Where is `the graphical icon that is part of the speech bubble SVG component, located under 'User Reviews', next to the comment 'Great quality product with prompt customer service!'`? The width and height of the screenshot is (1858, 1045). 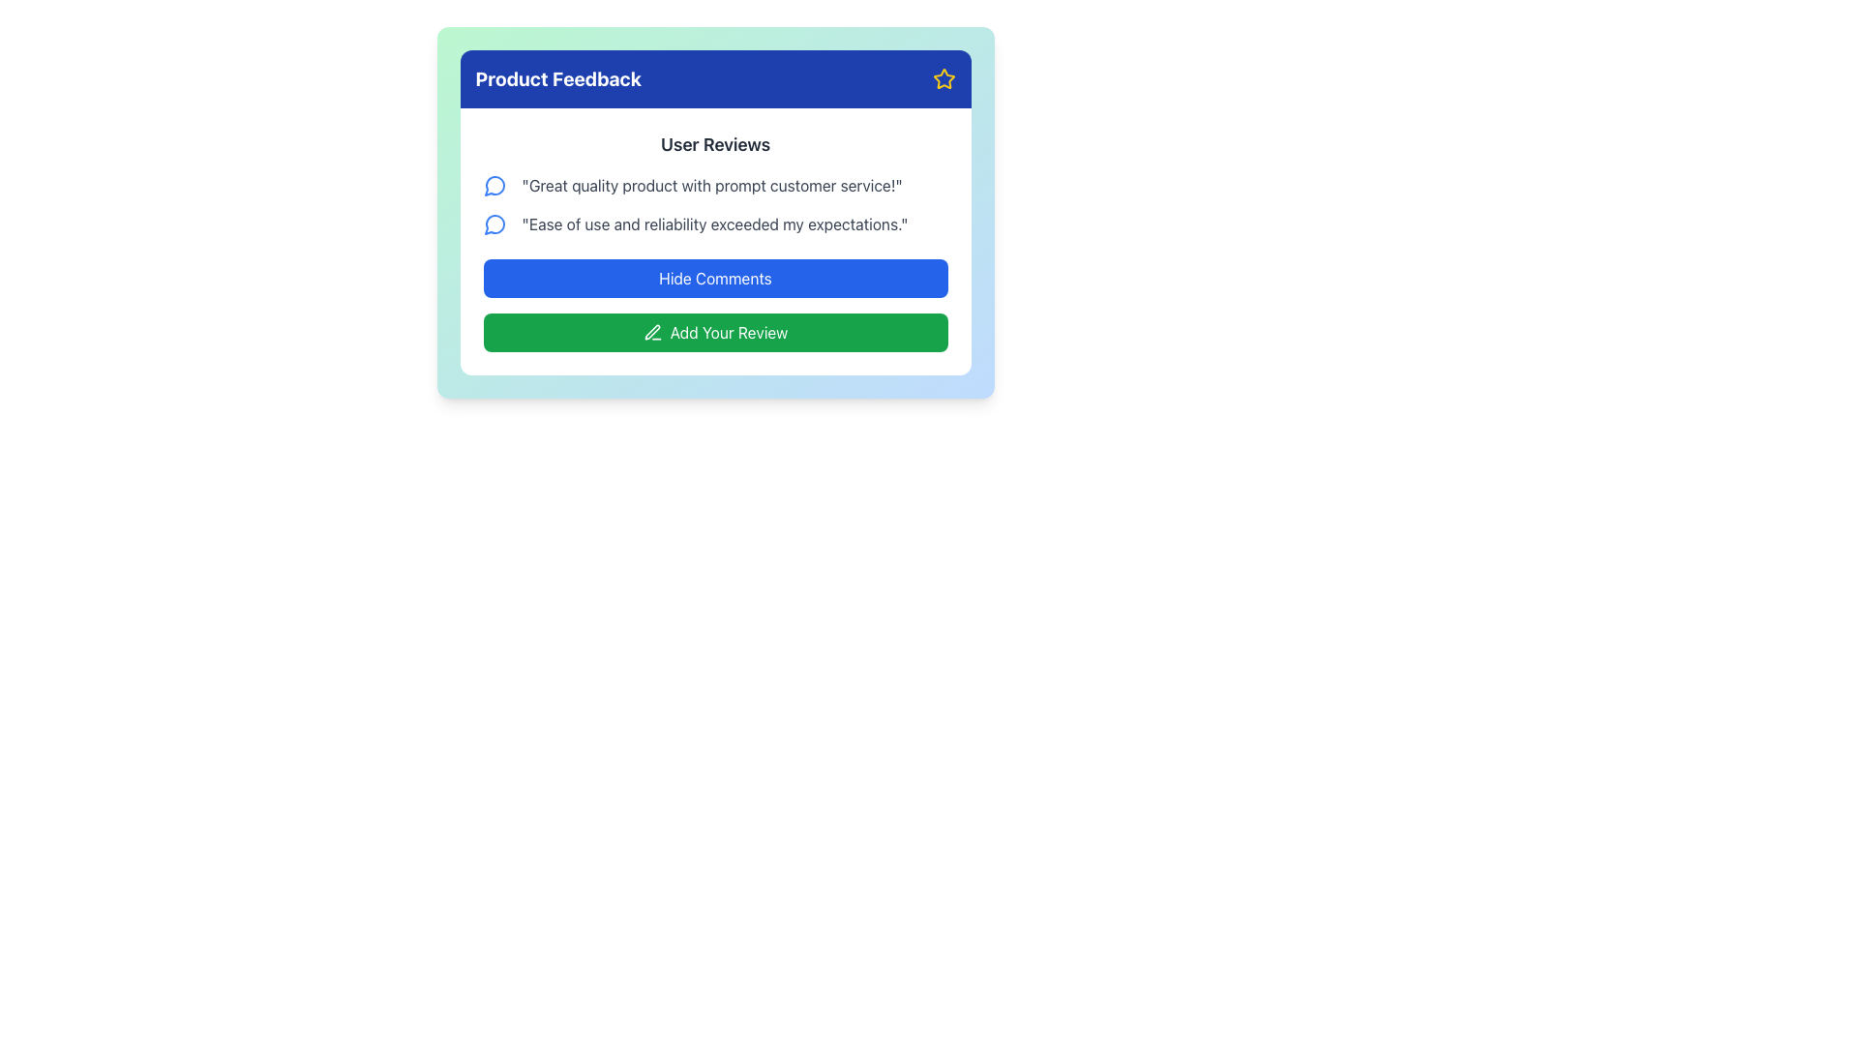 the graphical icon that is part of the speech bubble SVG component, located under 'User Reviews', next to the comment 'Great quality product with prompt customer service!' is located at coordinates (494, 186).